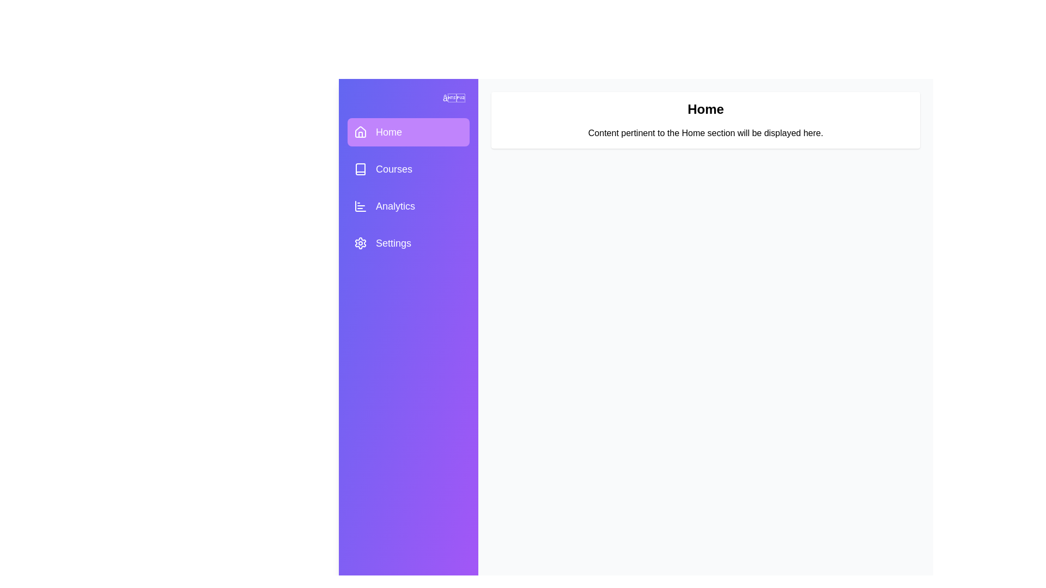 Image resolution: width=1046 pixels, height=588 pixels. What do you see at coordinates (408, 132) in the screenshot?
I see `the Home tab to see its hover effect` at bounding box center [408, 132].